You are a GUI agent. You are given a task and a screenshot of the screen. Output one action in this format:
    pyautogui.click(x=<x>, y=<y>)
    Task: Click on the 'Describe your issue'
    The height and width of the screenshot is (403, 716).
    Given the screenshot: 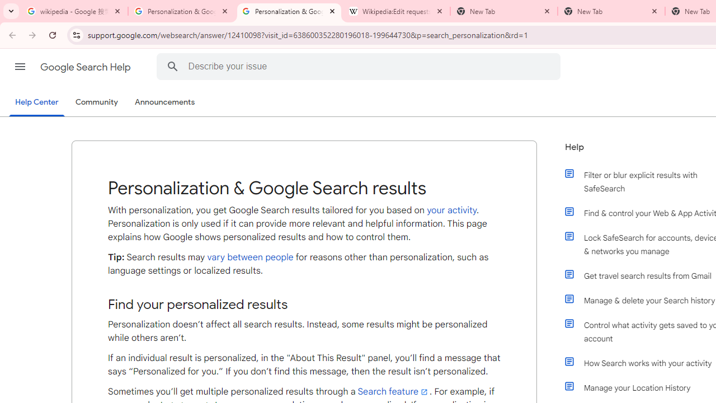 What is the action you would take?
    pyautogui.click(x=360, y=66)
    